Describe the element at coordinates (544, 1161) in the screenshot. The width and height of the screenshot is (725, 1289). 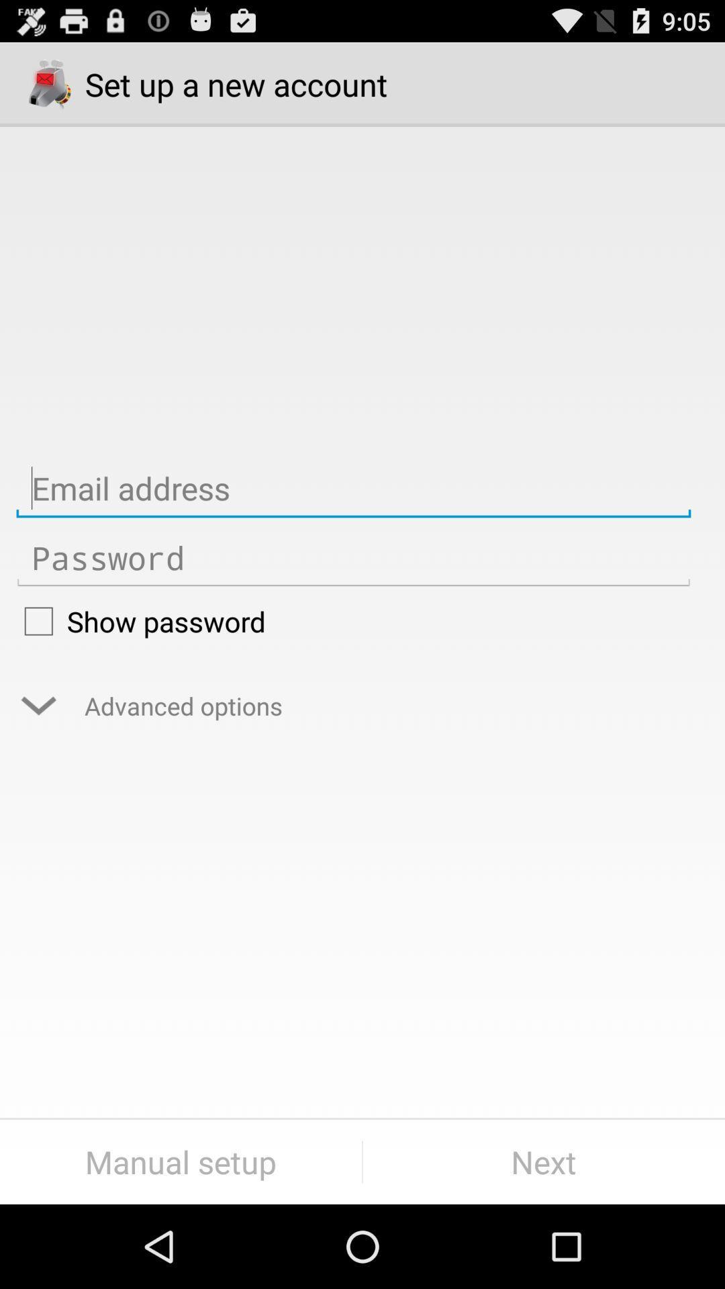
I see `the next icon` at that location.